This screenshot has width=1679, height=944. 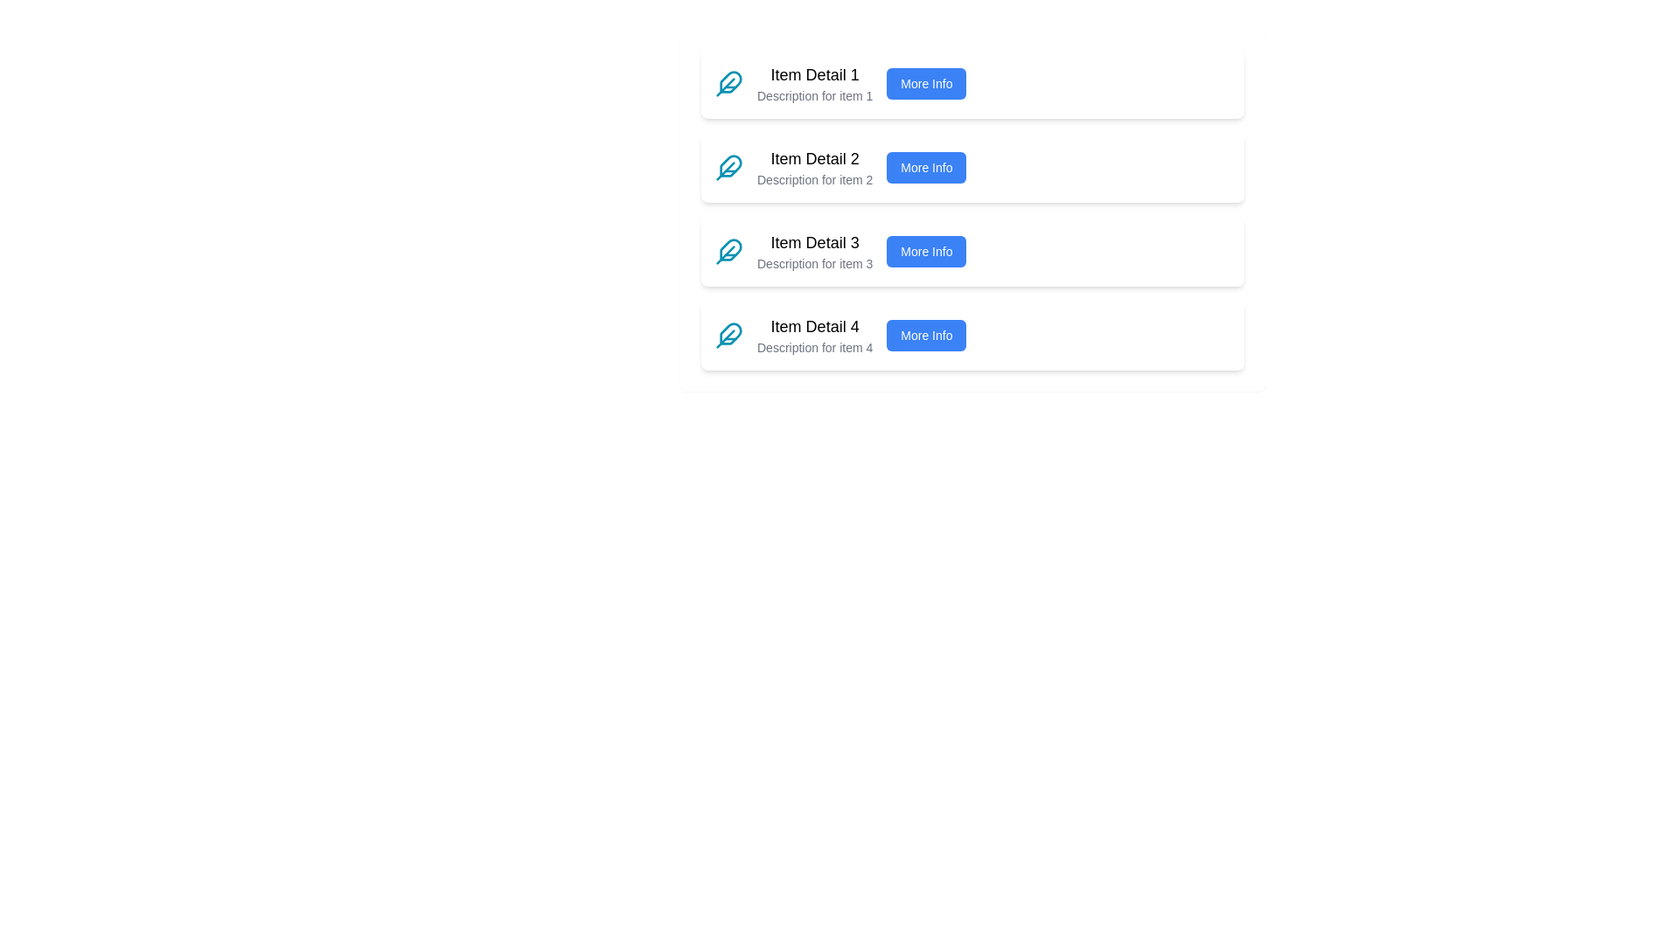 What do you see at coordinates (729, 252) in the screenshot?
I see `the feather icon located in the third card from the top, directly to the left of the text 'Item Detail 3'` at bounding box center [729, 252].